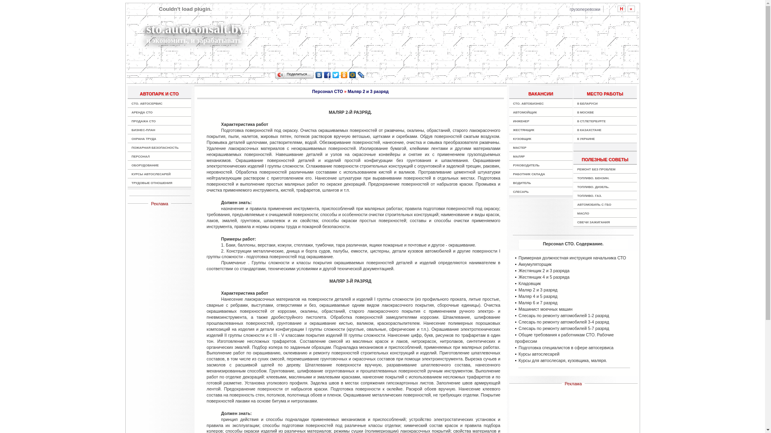 The width and height of the screenshot is (771, 433). I want to click on 'LiveJournal', so click(361, 75).